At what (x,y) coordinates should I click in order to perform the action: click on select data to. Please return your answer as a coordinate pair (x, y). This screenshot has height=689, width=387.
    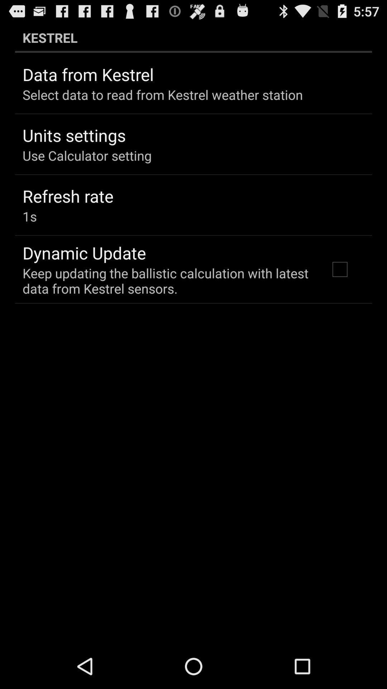
    Looking at the image, I should click on (163, 94).